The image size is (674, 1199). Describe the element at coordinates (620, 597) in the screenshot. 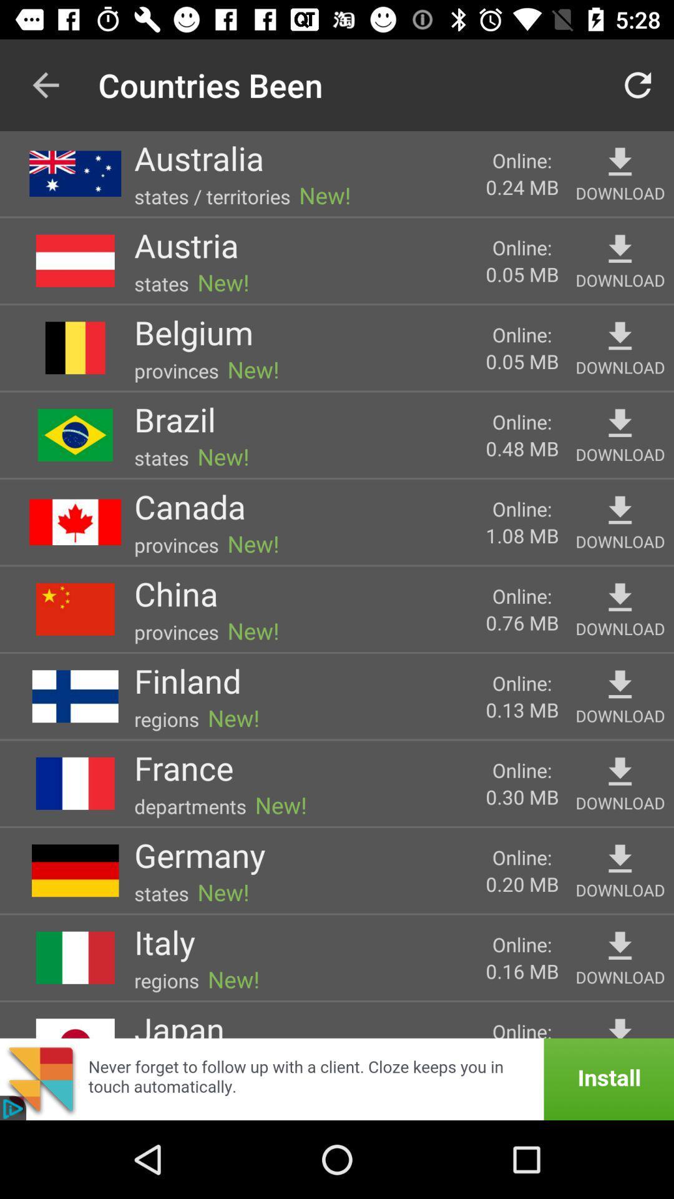

I see `download` at that location.